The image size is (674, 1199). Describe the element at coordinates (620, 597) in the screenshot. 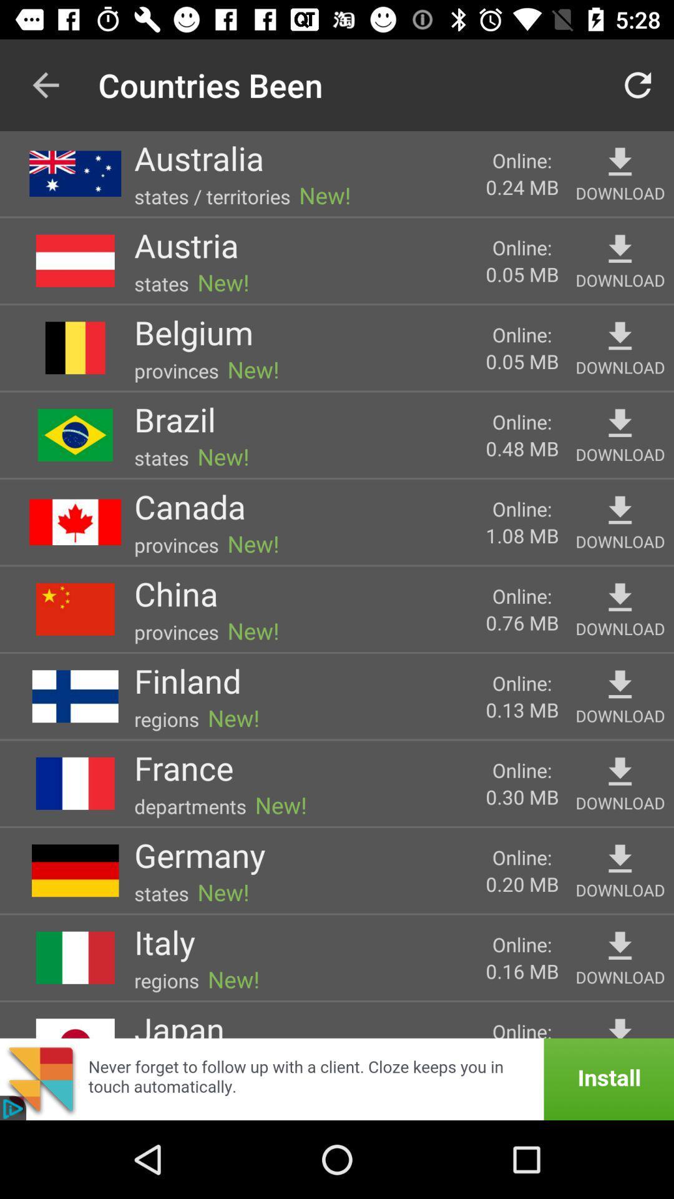

I see `download` at that location.